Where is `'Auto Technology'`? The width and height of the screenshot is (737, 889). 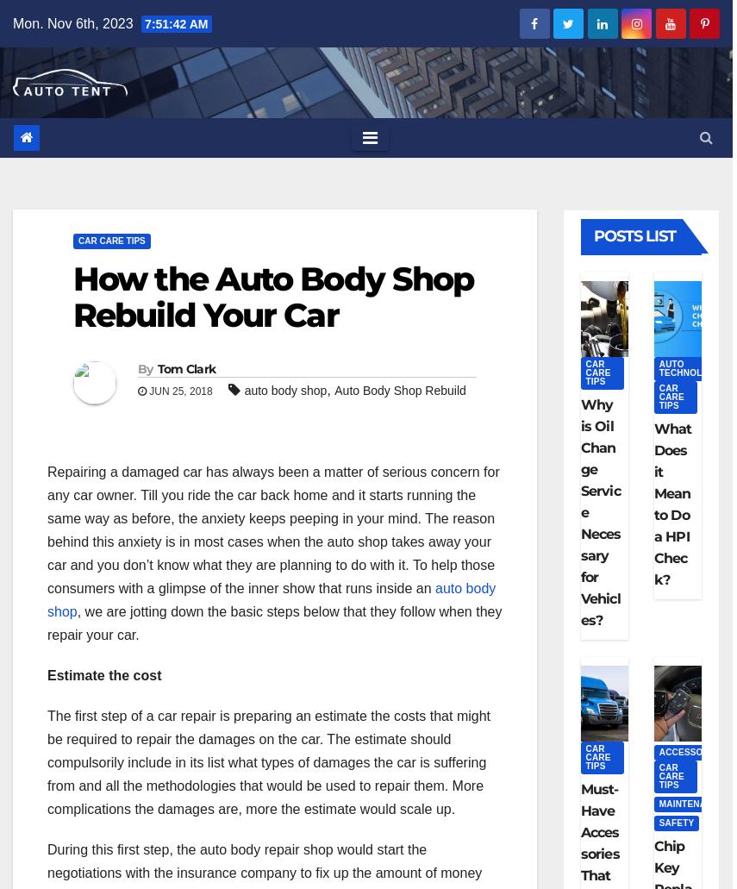
'Auto Technology' is located at coordinates (690, 368).